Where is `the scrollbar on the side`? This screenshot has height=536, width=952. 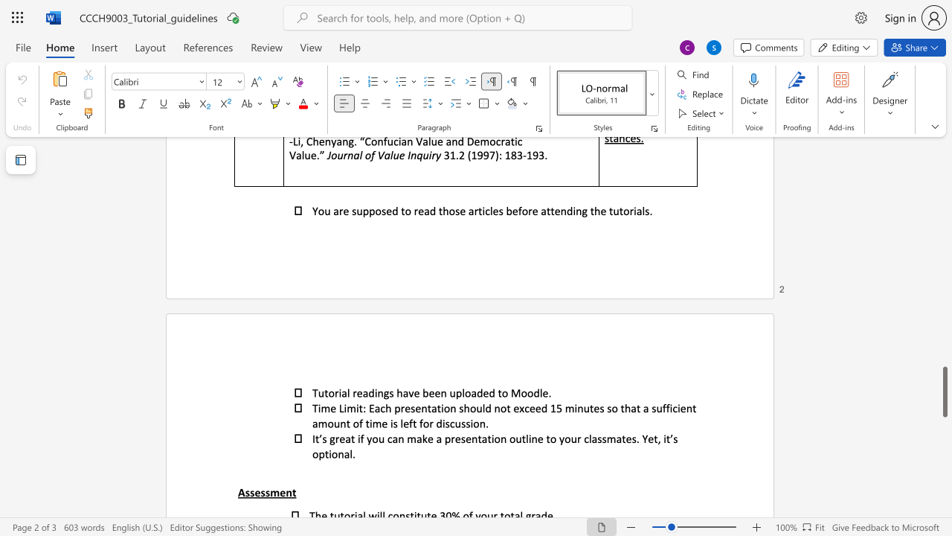 the scrollbar on the side is located at coordinates (944, 231).